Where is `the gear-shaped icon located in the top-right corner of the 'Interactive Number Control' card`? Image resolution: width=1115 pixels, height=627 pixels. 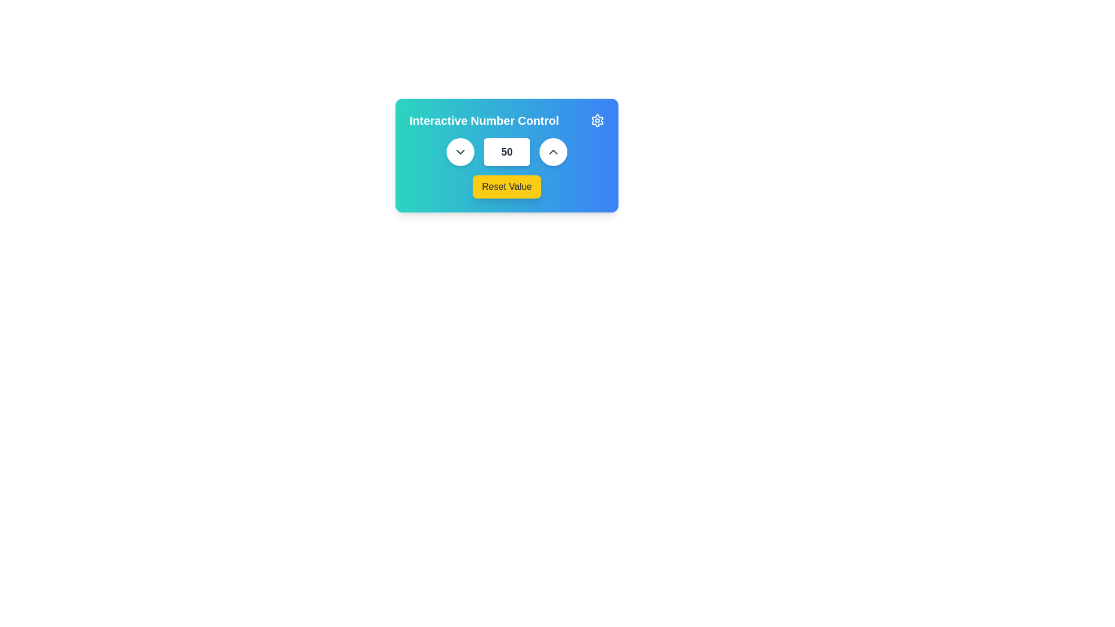 the gear-shaped icon located in the top-right corner of the 'Interactive Number Control' card is located at coordinates (597, 121).